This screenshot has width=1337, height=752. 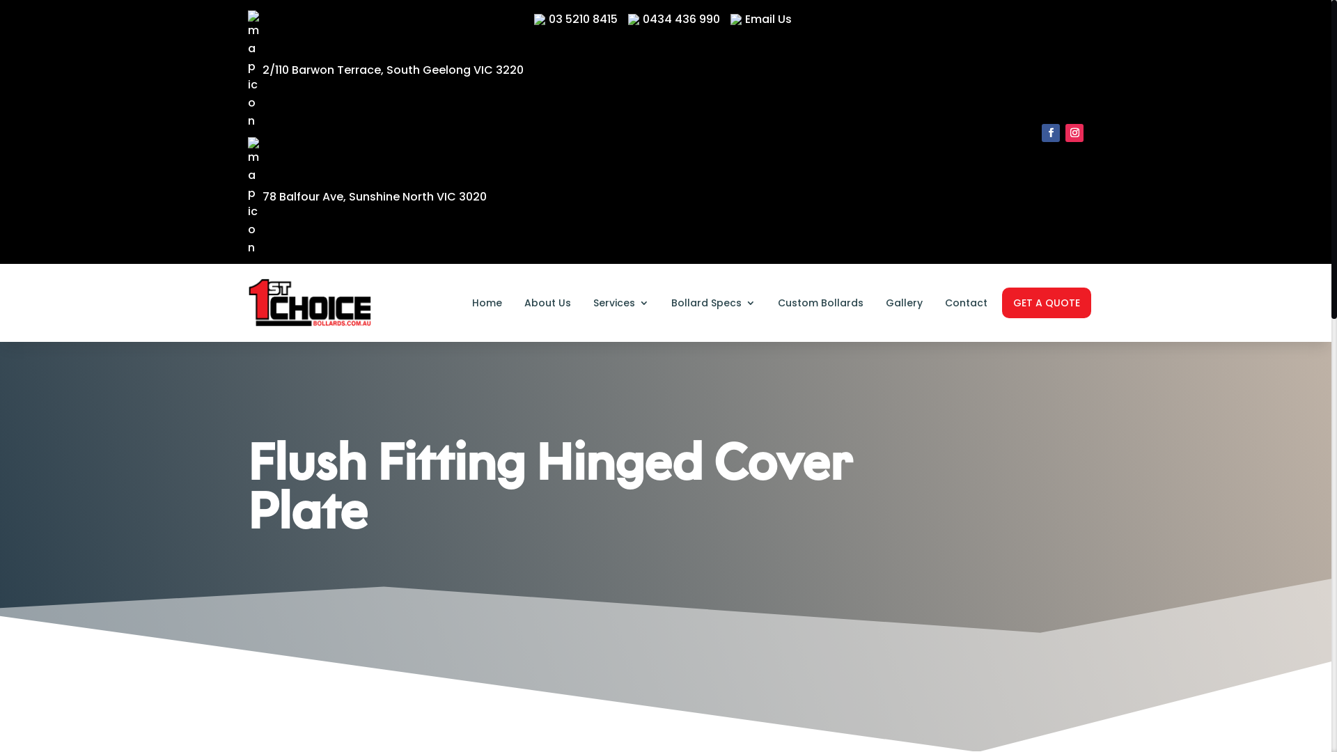 I want to click on 'Email Us', so click(x=760, y=19).